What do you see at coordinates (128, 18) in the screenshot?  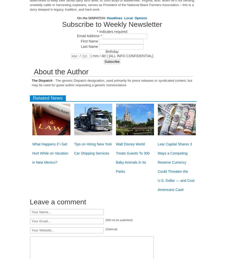 I see `'Local'` at bounding box center [128, 18].